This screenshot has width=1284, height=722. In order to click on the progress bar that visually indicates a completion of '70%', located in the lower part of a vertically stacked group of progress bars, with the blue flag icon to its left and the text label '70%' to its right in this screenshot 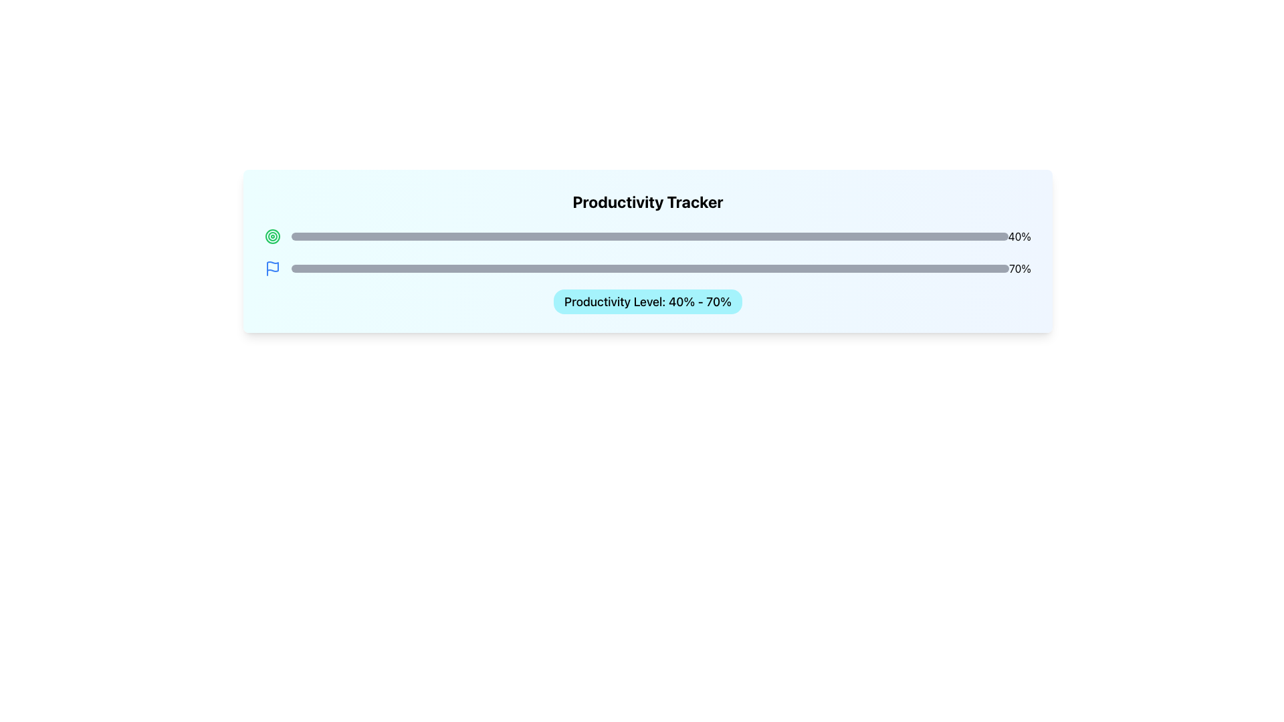, I will do `click(648, 268)`.